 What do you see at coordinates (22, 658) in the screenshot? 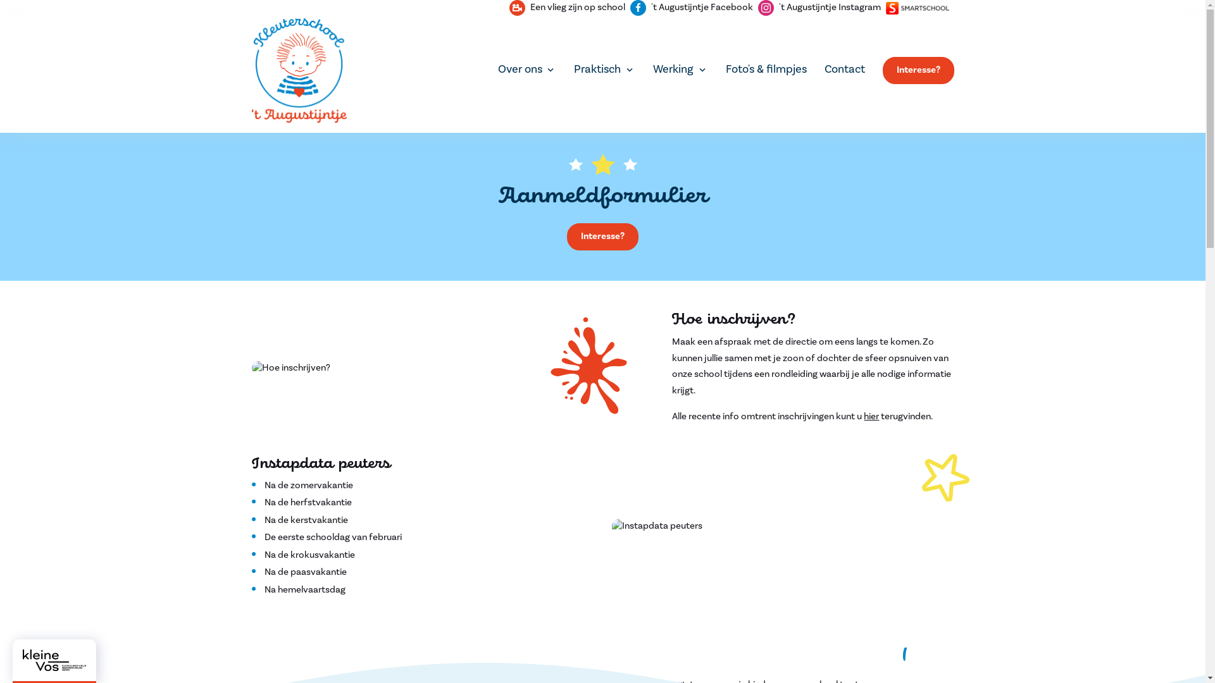
I see `'kleine Vos | Katholieke Vrije Basisscholen Ieper'` at bounding box center [22, 658].